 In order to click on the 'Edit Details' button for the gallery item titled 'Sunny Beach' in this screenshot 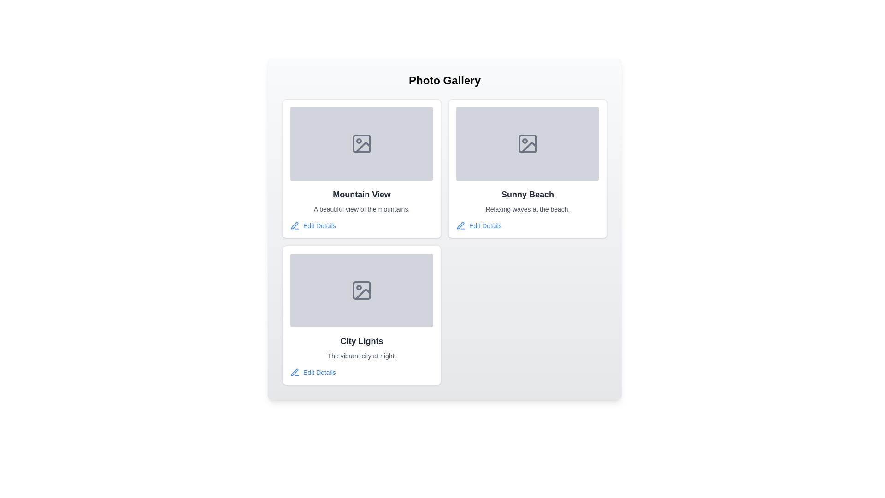, I will do `click(478, 225)`.